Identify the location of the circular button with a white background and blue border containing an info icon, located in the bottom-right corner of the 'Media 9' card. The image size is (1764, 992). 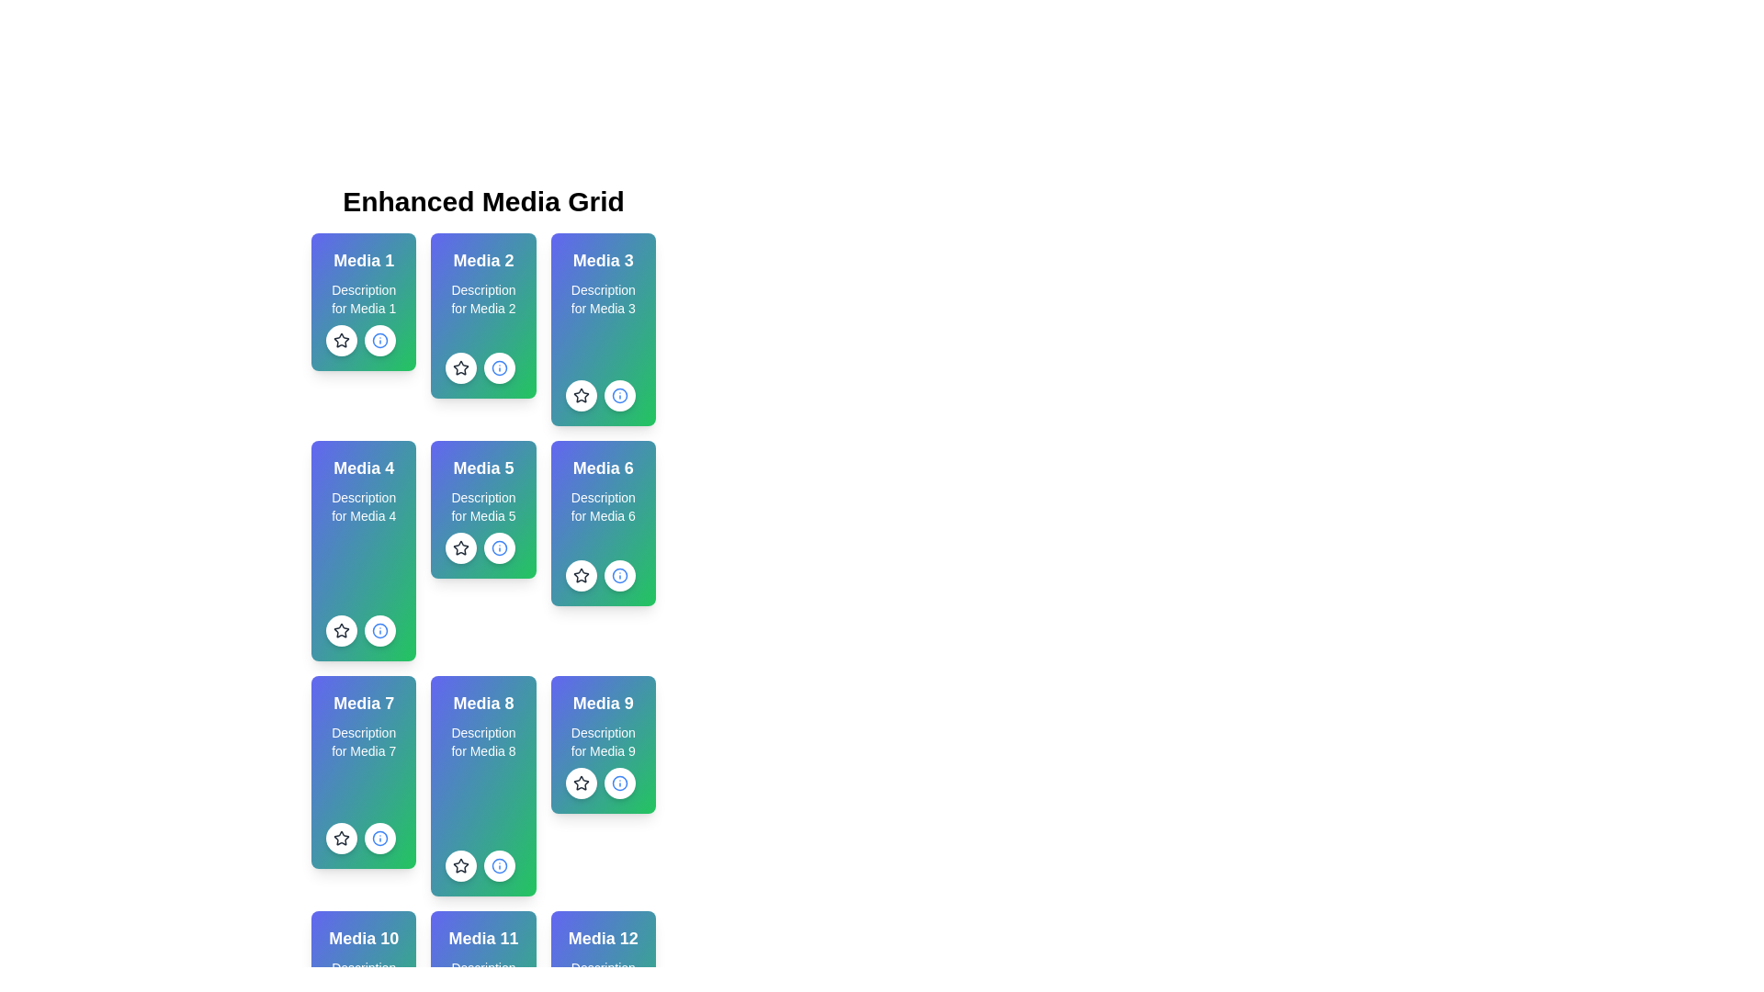
(619, 783).